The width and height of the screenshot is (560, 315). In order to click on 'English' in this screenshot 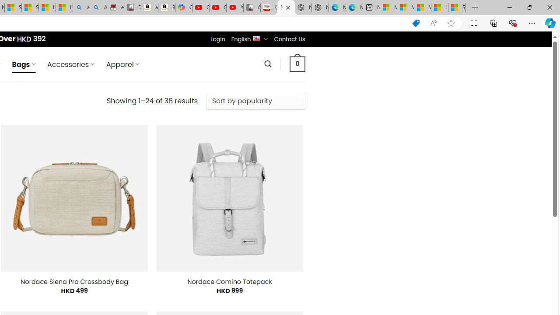, I will do `click(256, 37)`.